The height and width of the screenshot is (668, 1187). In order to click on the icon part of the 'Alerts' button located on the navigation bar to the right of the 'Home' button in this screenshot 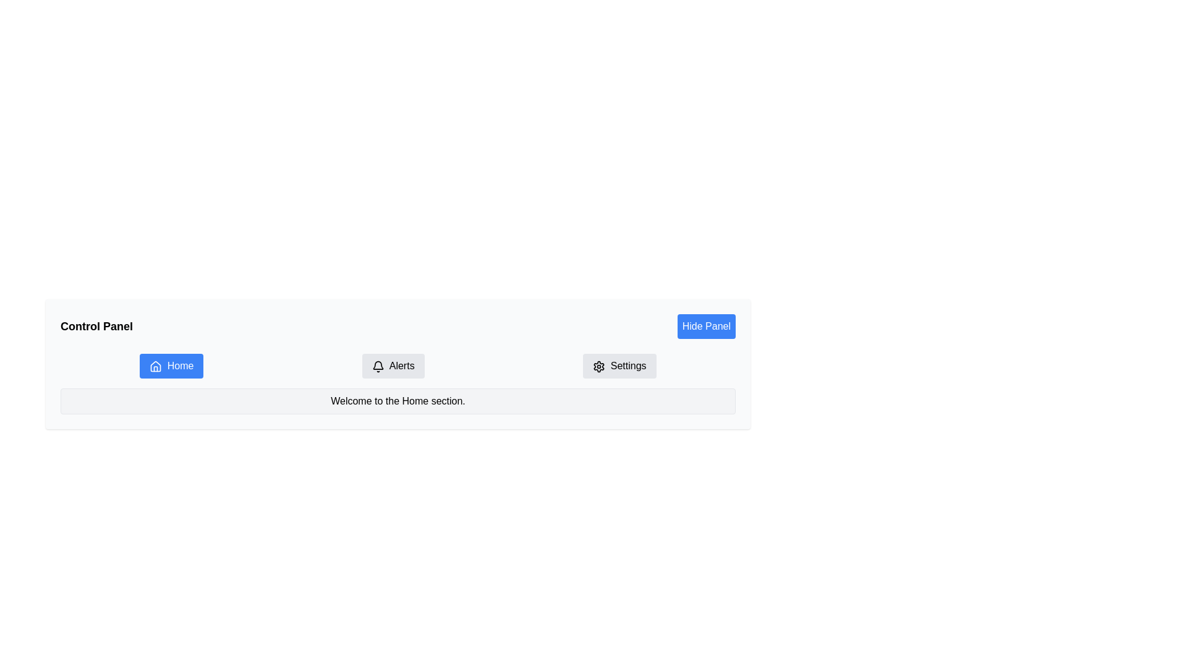, I will do `click(378, 364)`.